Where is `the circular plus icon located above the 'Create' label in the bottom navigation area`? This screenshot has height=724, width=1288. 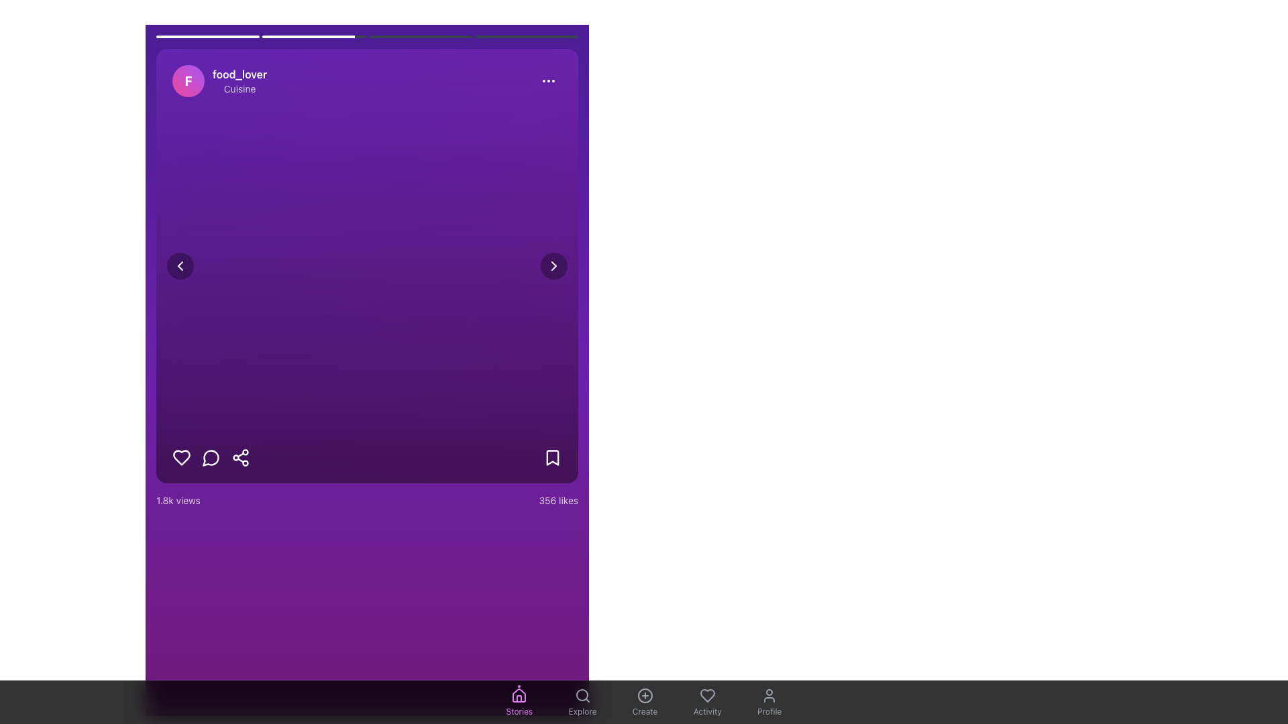 the circular plus icon located above the 'Create' label in the bottom navigation area is located at coordinates (645, 695).